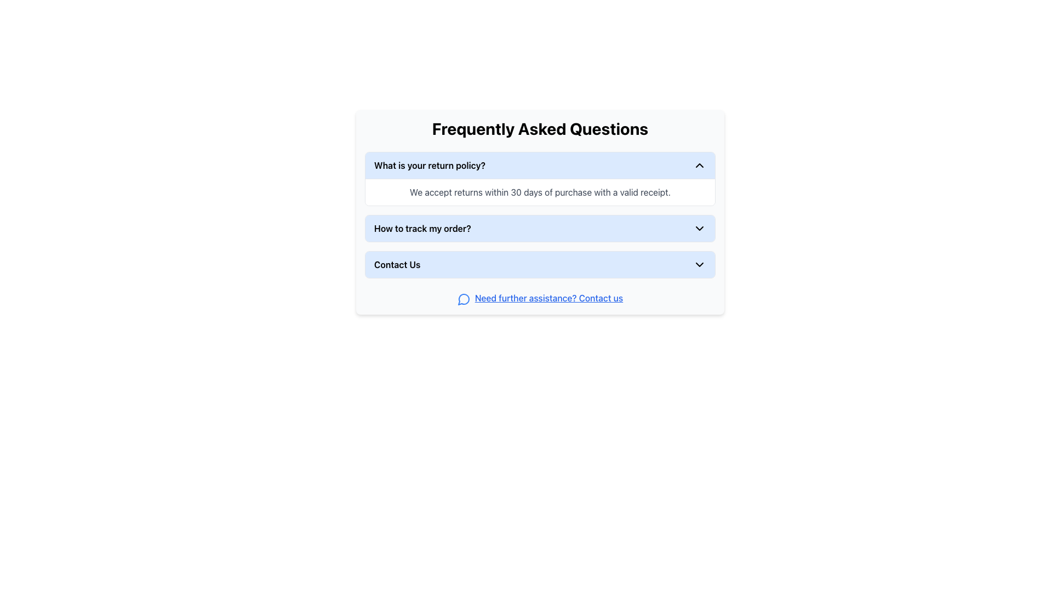 This screenshot has height=592, width=1052. What do you see at coordinates (540, 191) in the screenshot?
I see `the text display that states 'We accept returns within 30 days of purchase with a valid receipt.' located in the answer area of the 'What is your return policy?' card` at bounding box center [540, 191].